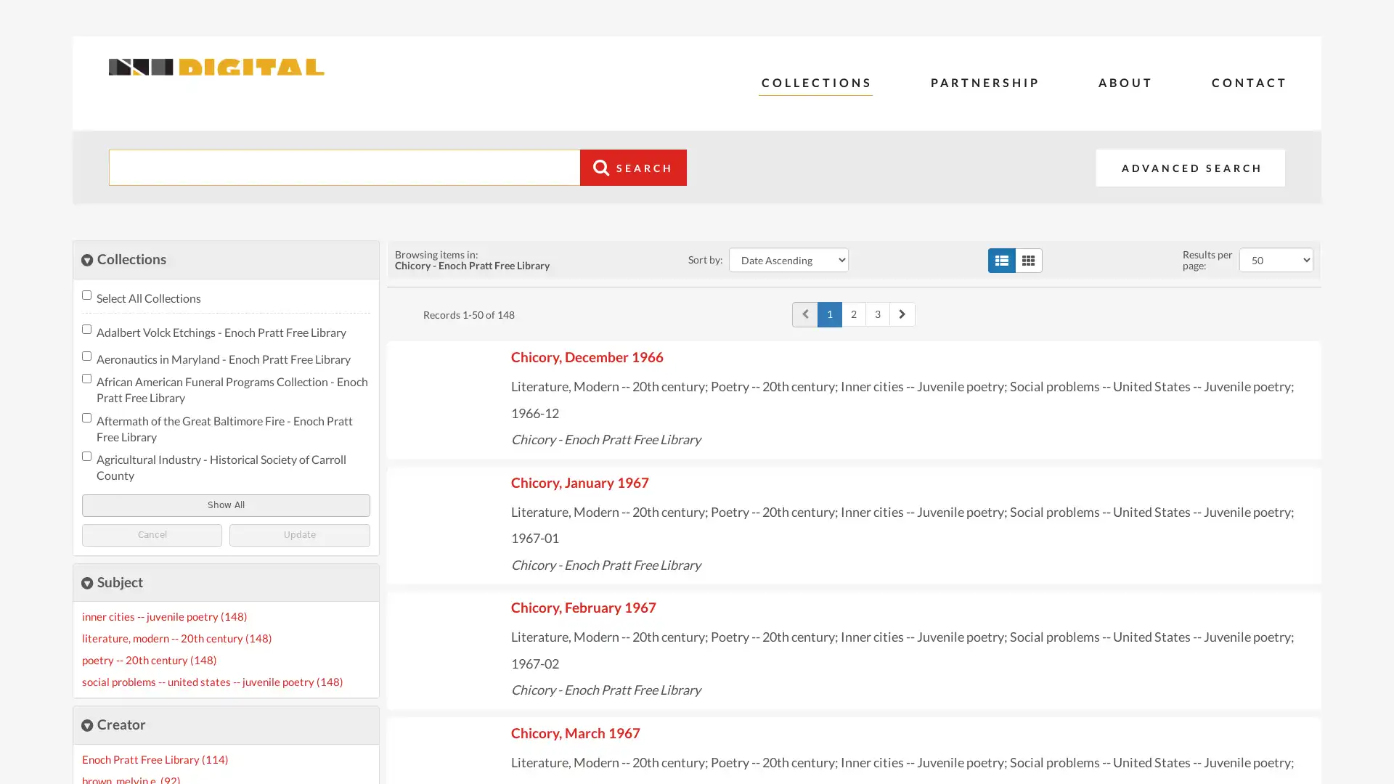 The width and height of the screenshot is (1394, 784). What do you see at coordinates (877, 313) in the screenshot?
I see `Page 3` at bounding box center [877, 313].